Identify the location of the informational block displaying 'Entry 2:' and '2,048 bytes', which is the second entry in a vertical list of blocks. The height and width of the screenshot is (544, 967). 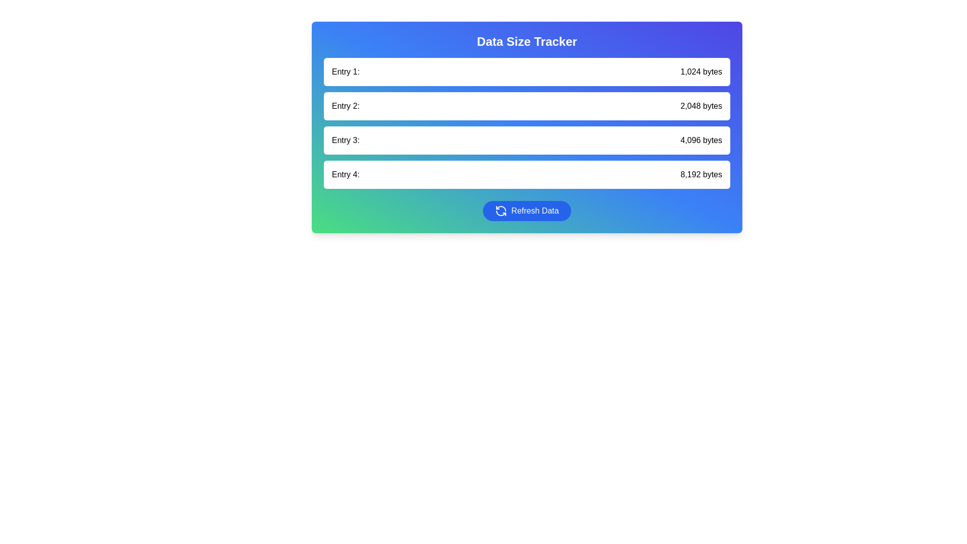
(526, 106).